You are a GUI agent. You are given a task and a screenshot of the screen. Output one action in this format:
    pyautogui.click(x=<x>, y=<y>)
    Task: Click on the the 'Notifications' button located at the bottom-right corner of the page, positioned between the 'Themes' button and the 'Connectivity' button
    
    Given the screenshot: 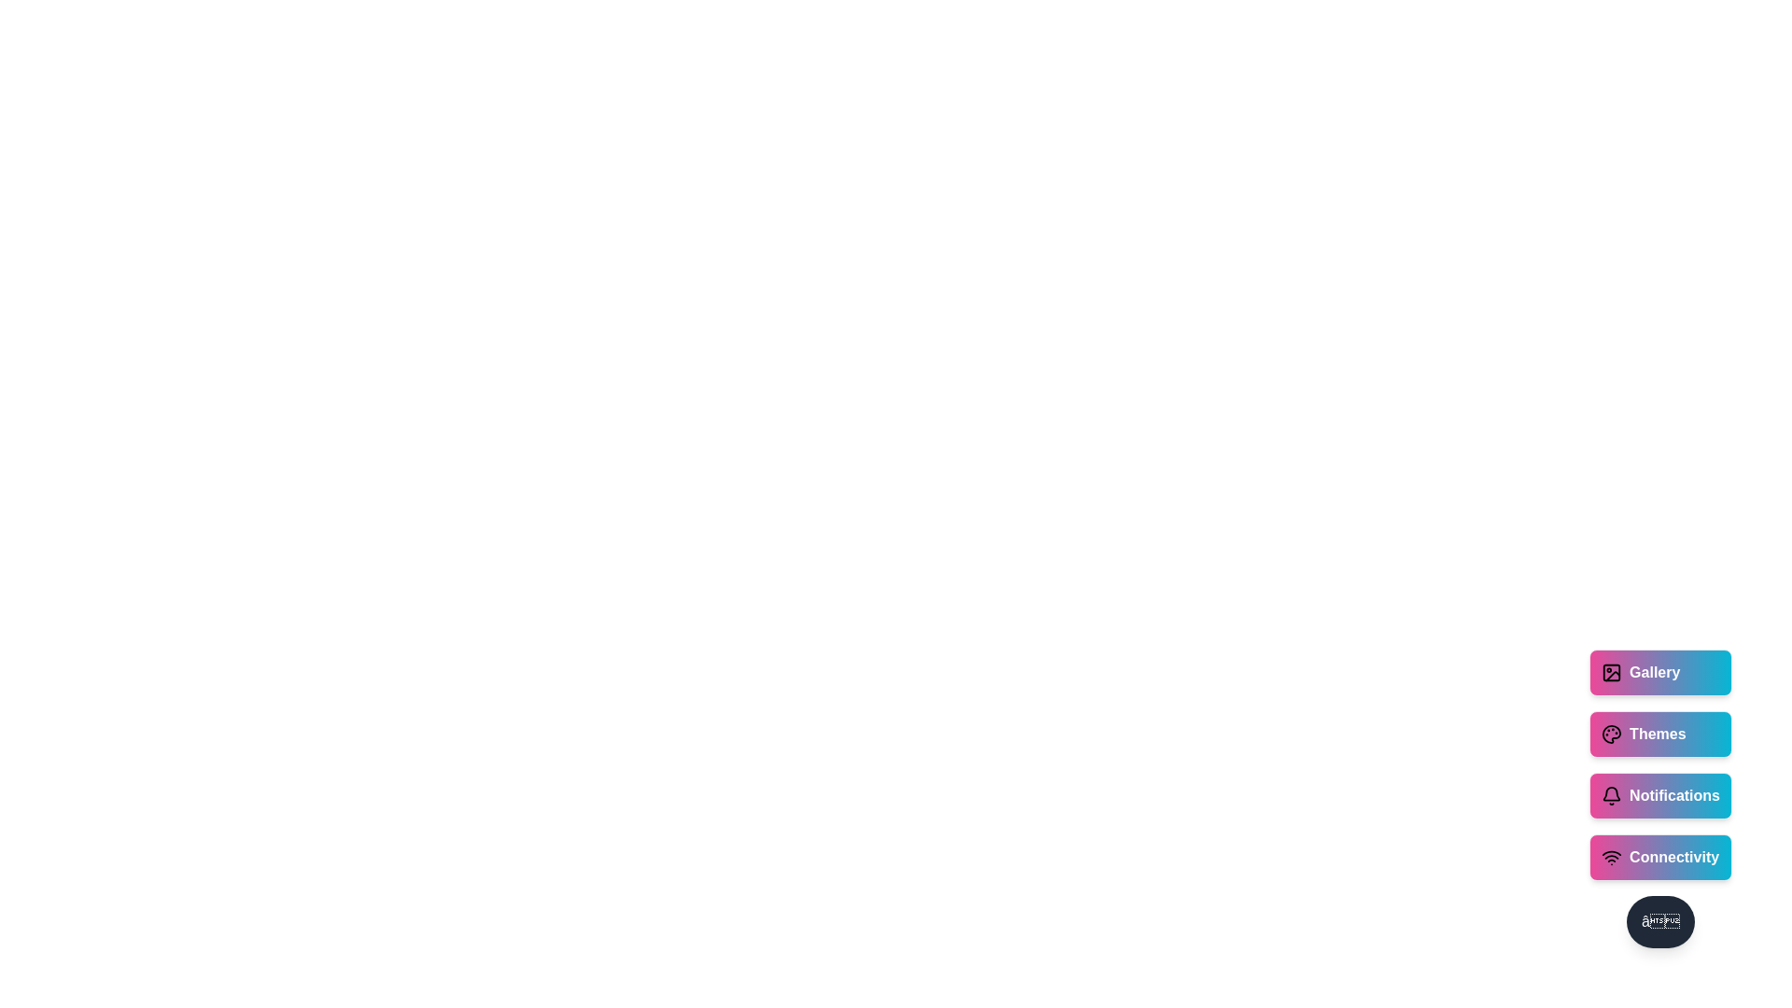 What is the action you would take?
    pyautogui.click(x=1660, y=798)
    